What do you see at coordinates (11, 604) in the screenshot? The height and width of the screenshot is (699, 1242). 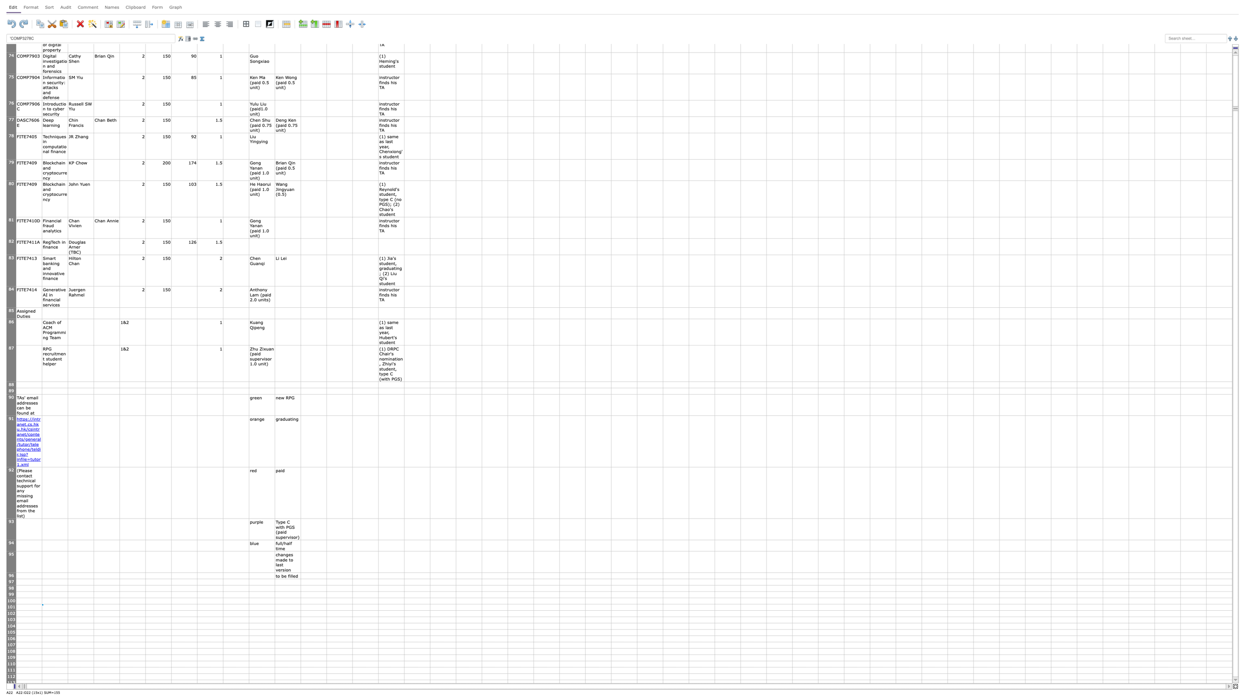 I see `row 100's header bottom edge for resizing` at bounding box center [11, 604].